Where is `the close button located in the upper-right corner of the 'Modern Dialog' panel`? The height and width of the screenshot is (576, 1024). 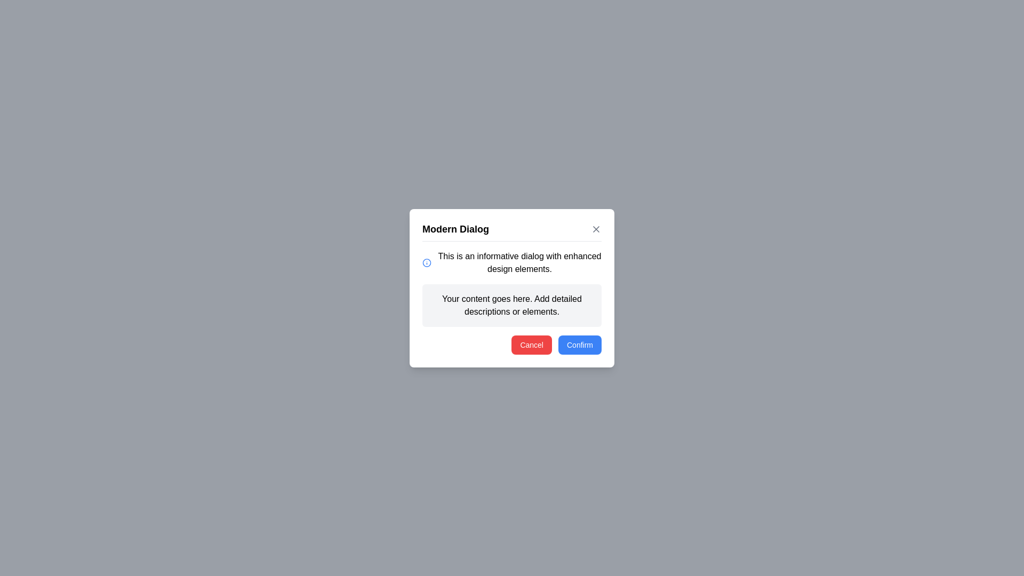 the close button located in the upper-right corner of the 'Modern Dialog' panel is located at coordinates (596, 228).